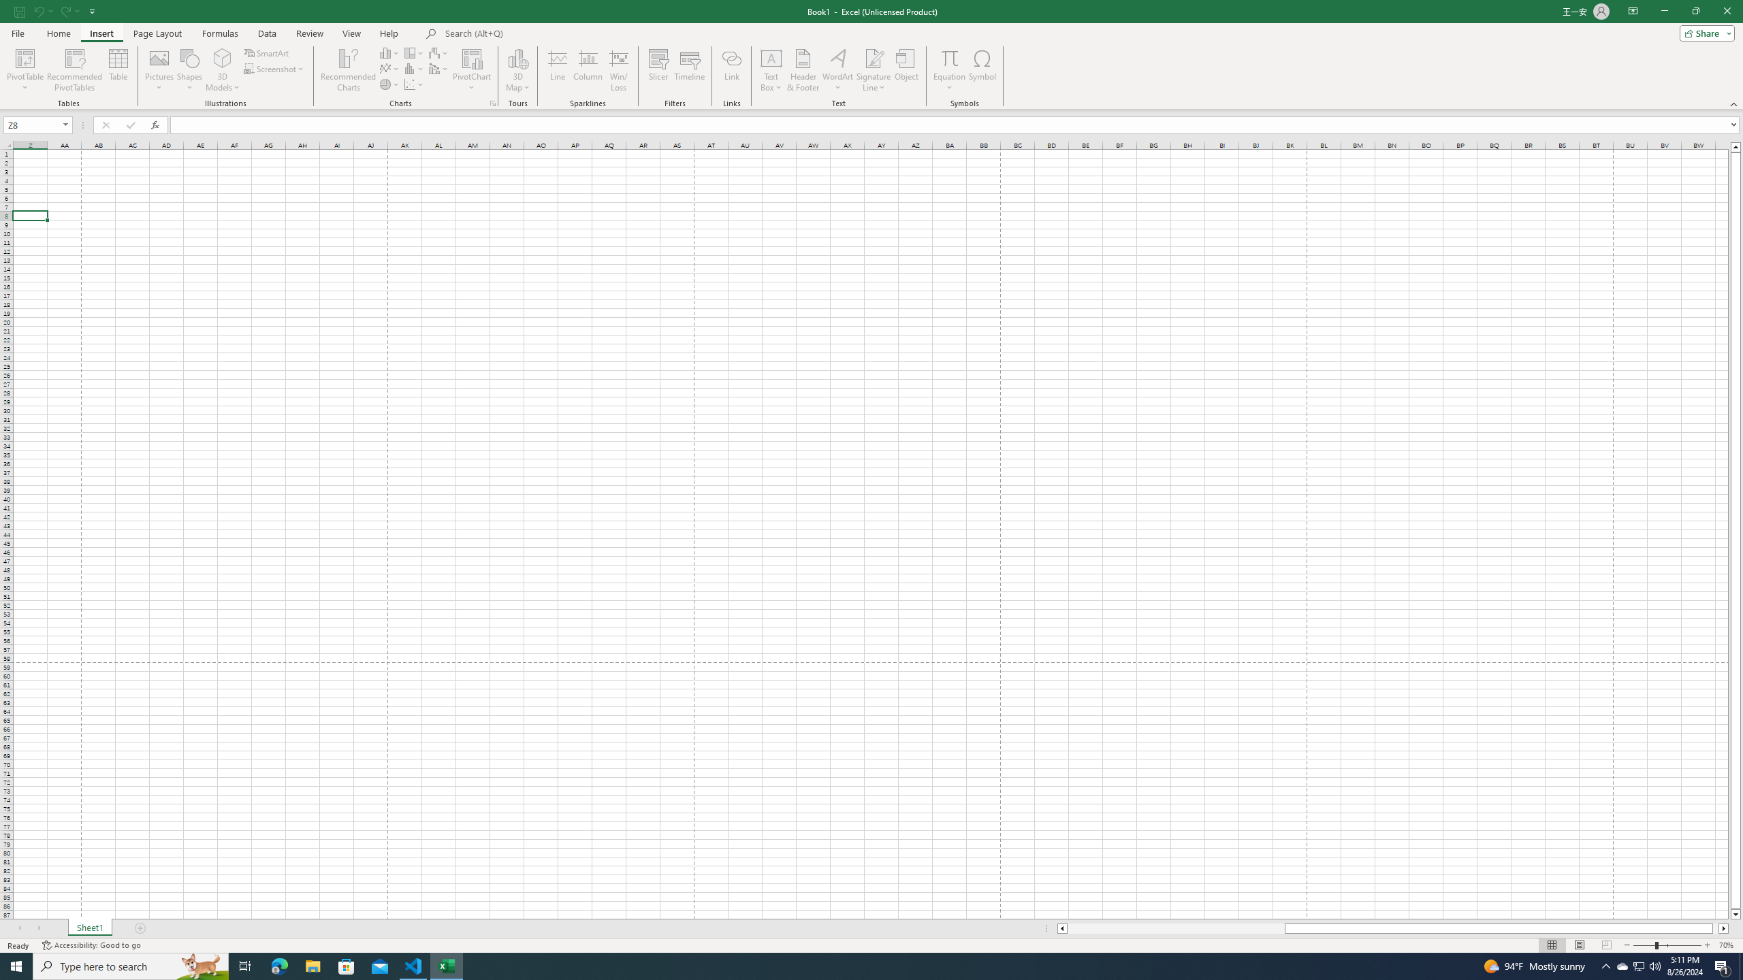  Describe the element at coordinates (982, 70) in the screenshot. I see `'Symbol...'` at that location.